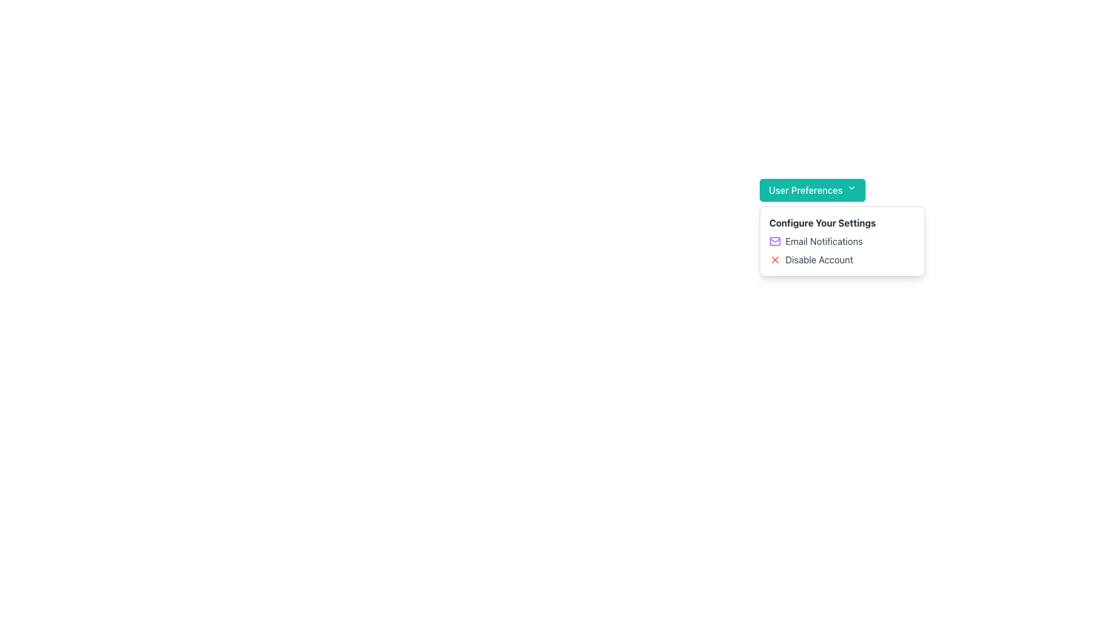 This screenshot has width=1105, height=621. I want to click on the chevron icon indicating collapsible functionality next to 'User Preferences' within the teal button at the top of the dropdown menu, so click(852, 187).